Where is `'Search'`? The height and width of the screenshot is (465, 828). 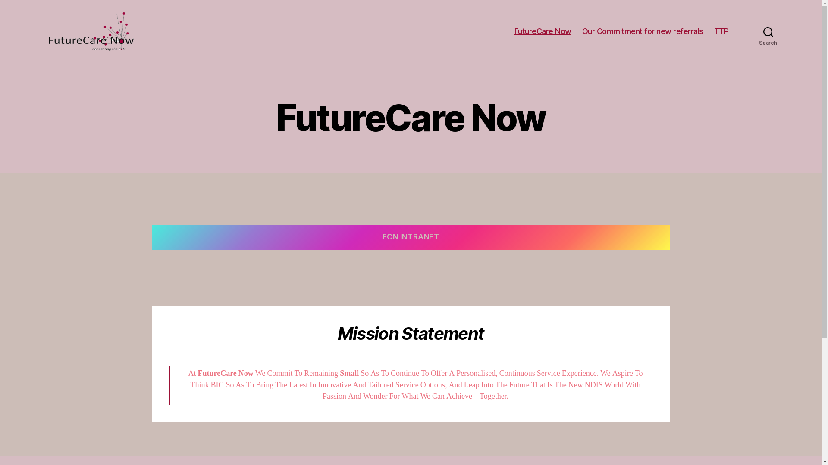 'Search' is located at coordinates (768, 31).